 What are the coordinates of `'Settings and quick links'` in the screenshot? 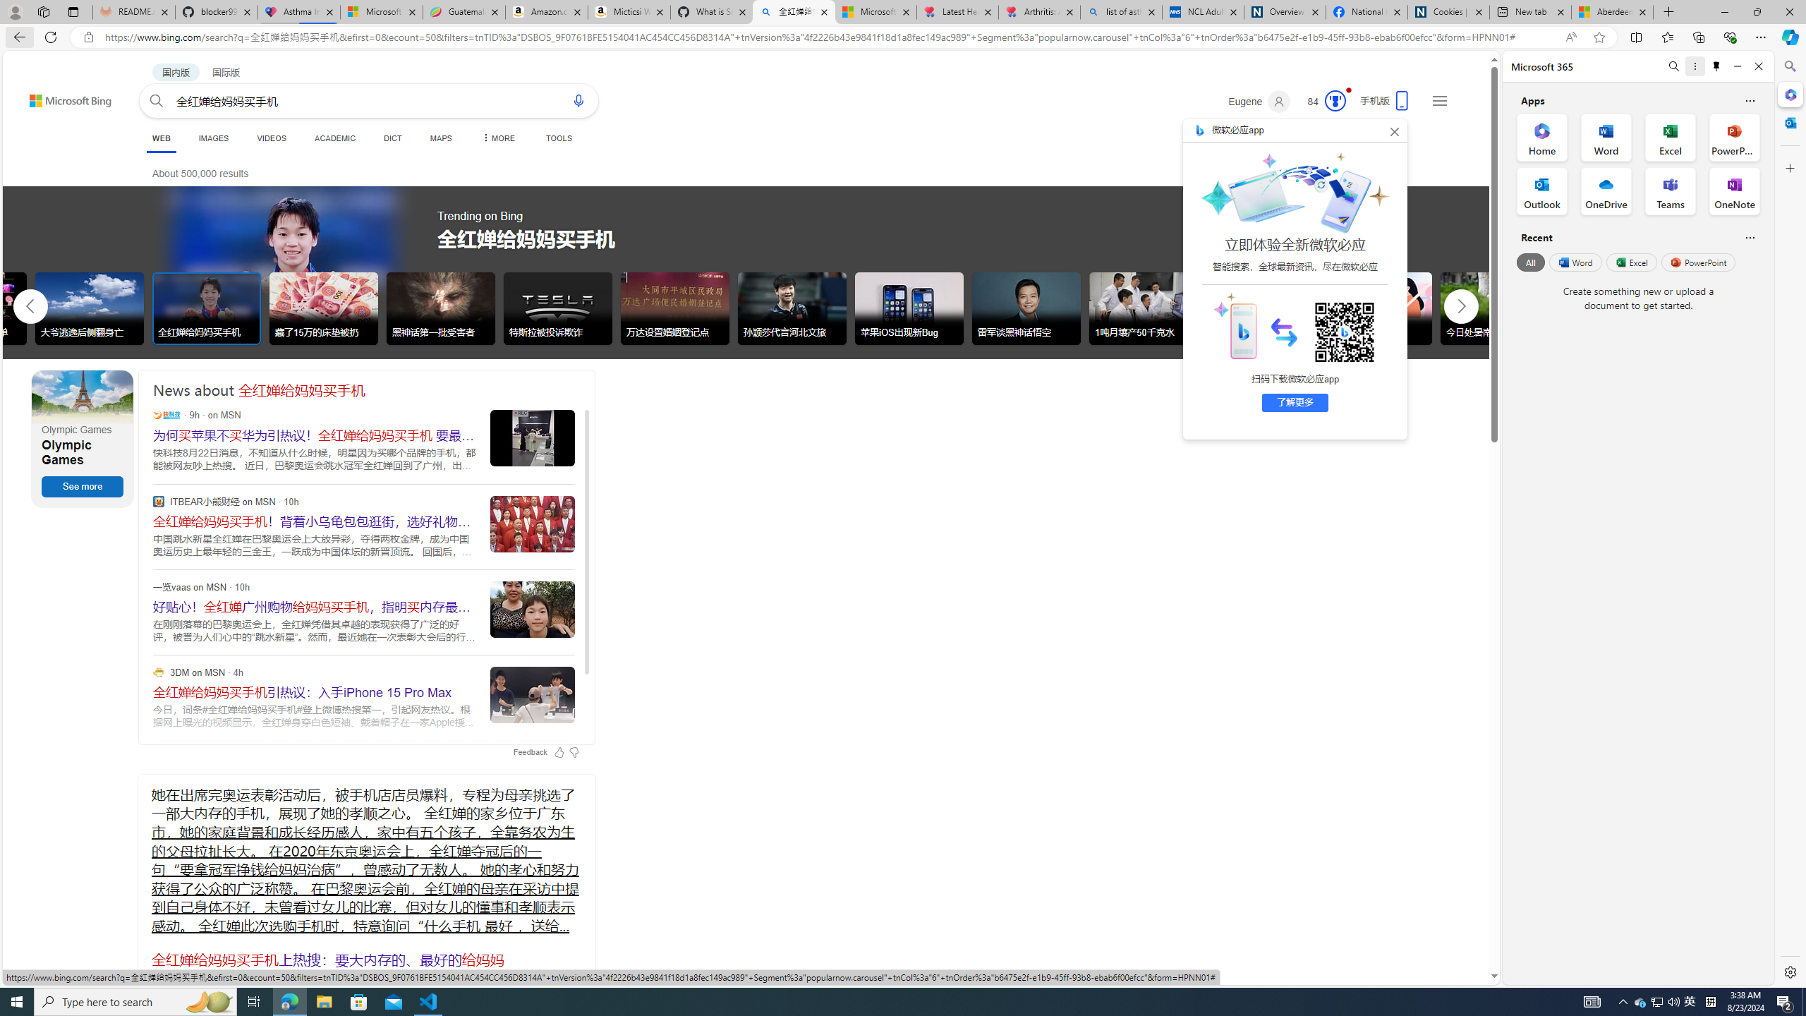 It's located at (1438, 99).